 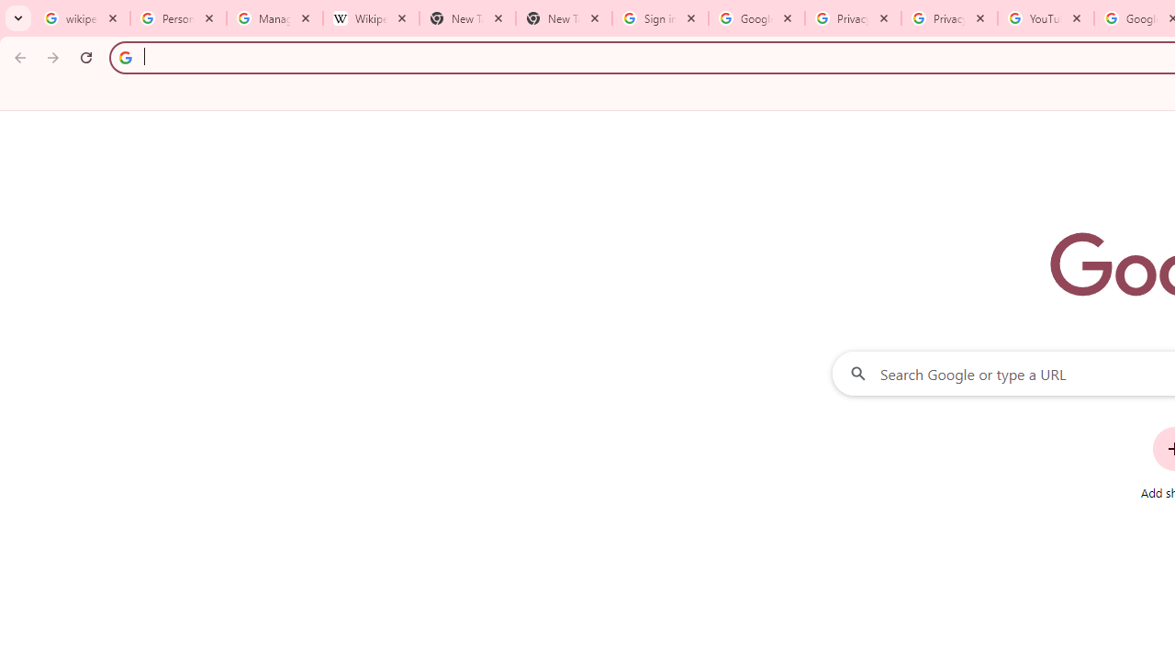 I want to click on 'Manage your Location History - Google Search Help', so click(x=274, y=18).